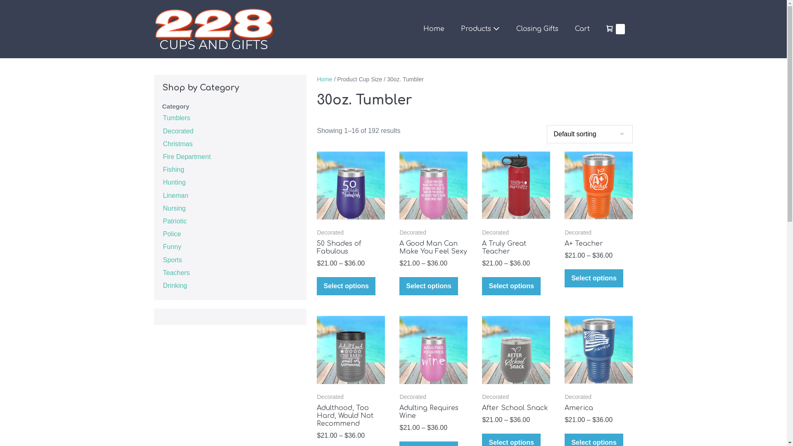 Image resolution: width=793 pixels, height=446 pixels. Describe the element at coordinates (324, 79) in the screenshot. I see `'Home'` at that location.